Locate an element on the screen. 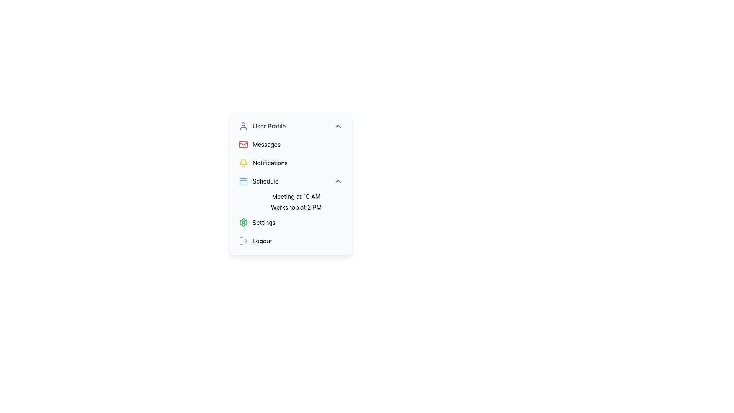 The image size is (734, 413). the textual label identifying the 'Notifications' menu entry, located to the right of the yellow bell icon in the third menu item is located at coordinates (270, 162).